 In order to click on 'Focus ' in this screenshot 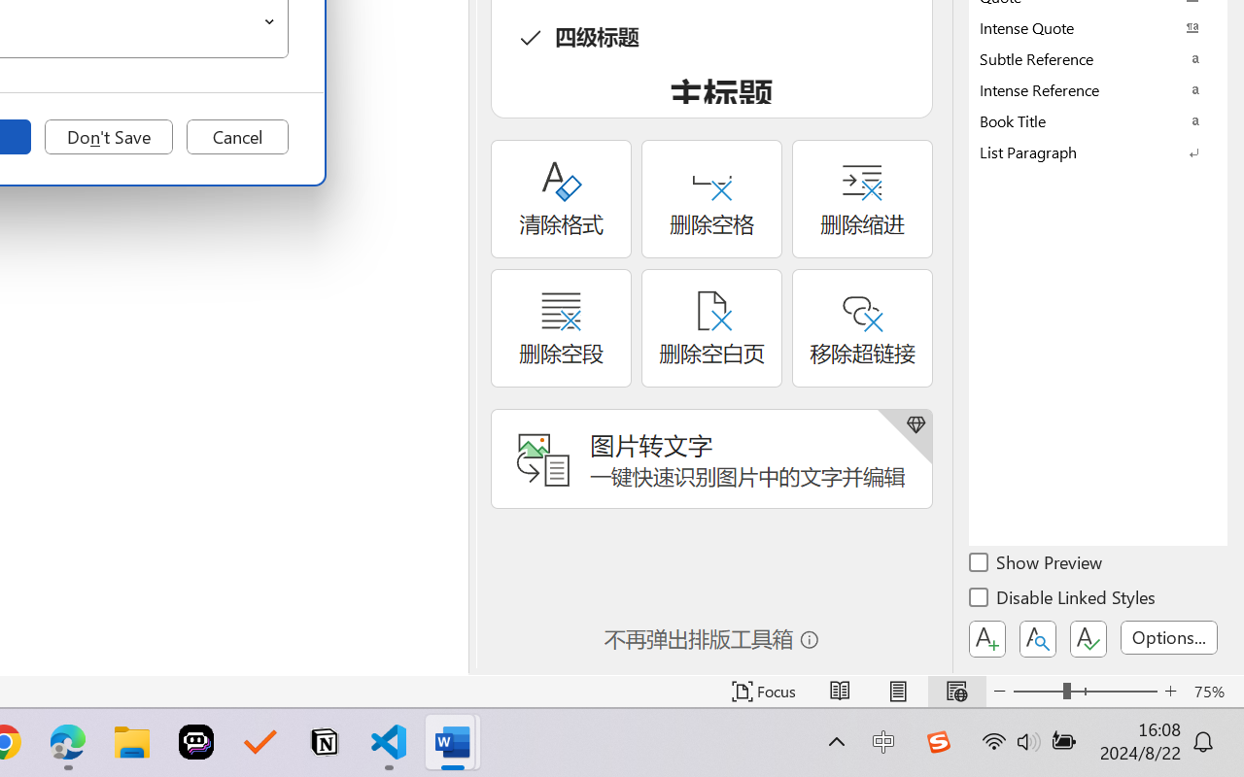, I will do `click(763, 691)`.